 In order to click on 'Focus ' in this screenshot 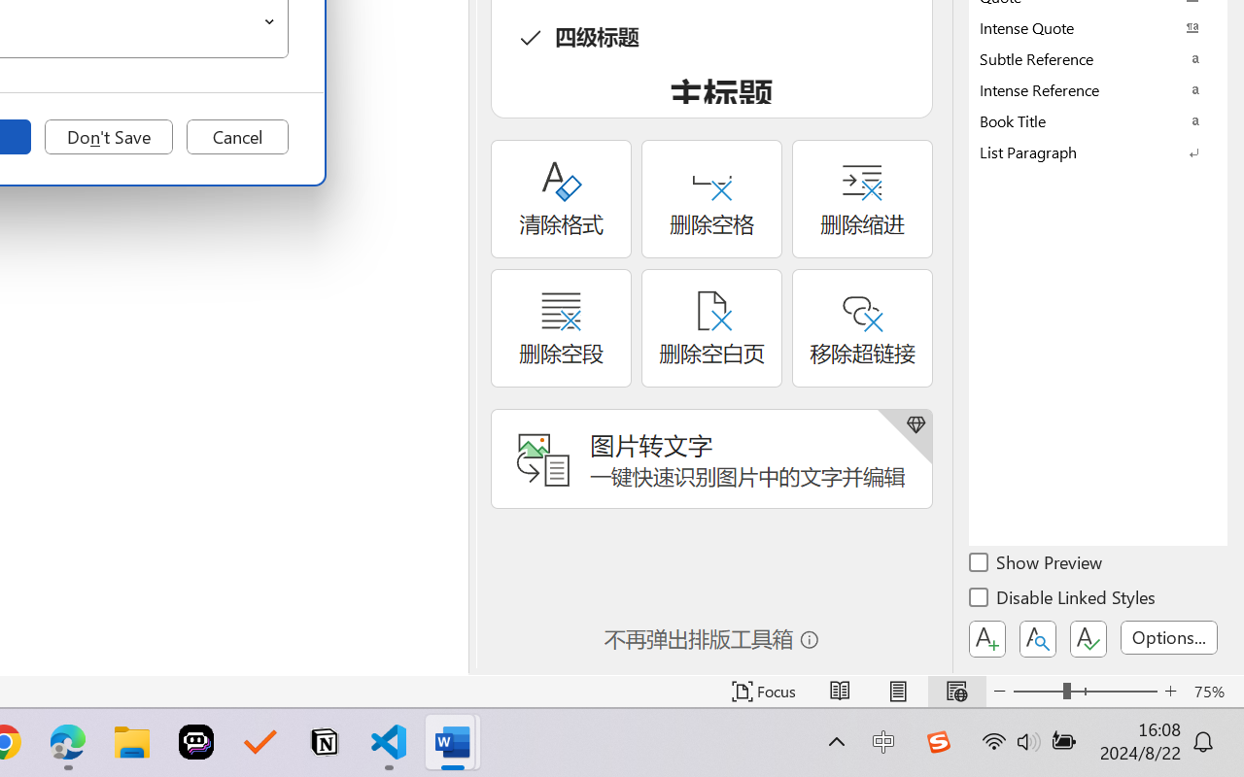, I will do `click(763, 691)`.